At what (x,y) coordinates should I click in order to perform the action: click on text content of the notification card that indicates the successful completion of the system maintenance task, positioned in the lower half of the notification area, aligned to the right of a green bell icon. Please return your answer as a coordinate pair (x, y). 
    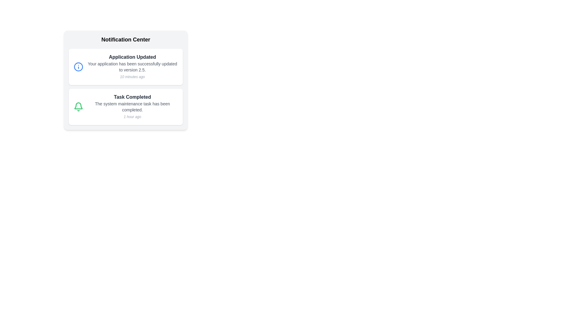
    Looking at the image, I should click on (132, 107).